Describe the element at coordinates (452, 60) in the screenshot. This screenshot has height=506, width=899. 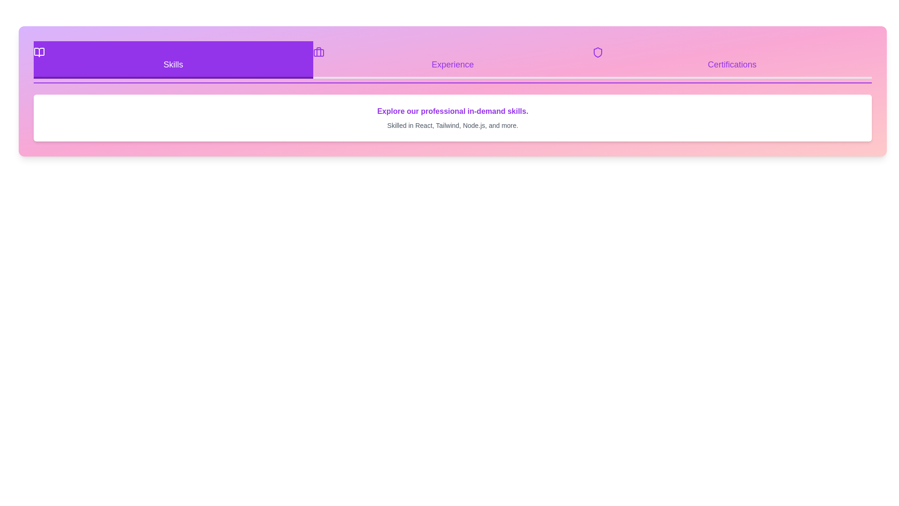
I see `the Experience tab by clicking on its button` at that location.